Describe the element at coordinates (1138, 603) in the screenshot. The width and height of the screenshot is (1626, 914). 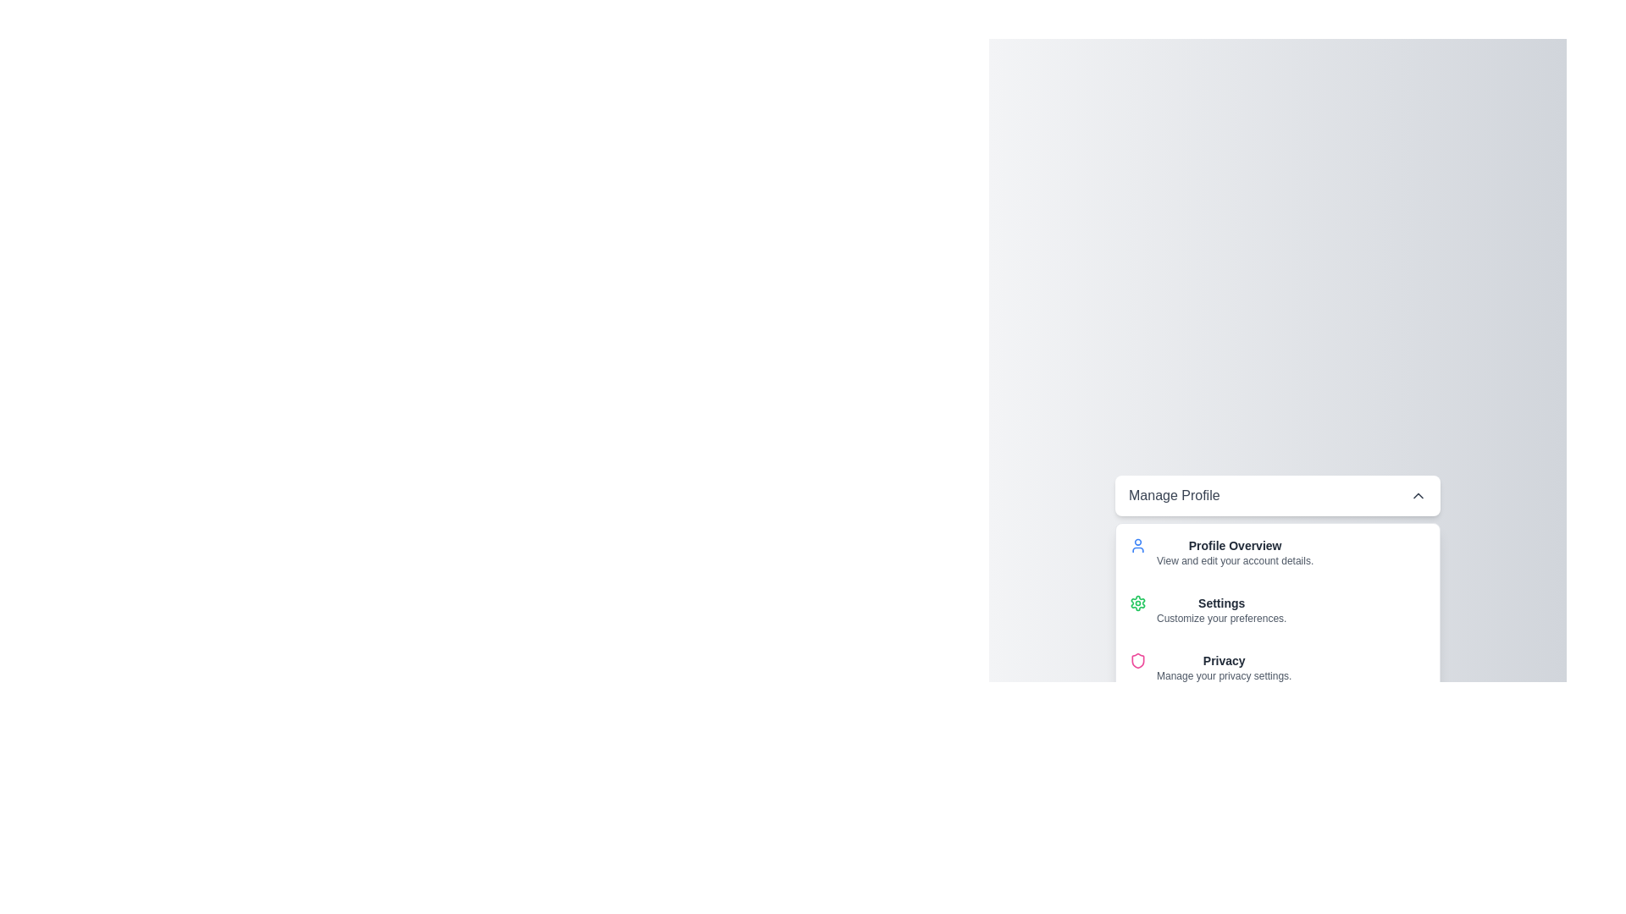
I see `the green gear icon located to the left of the 'Settings' text under the 'Manage Profile' menu` at that location.